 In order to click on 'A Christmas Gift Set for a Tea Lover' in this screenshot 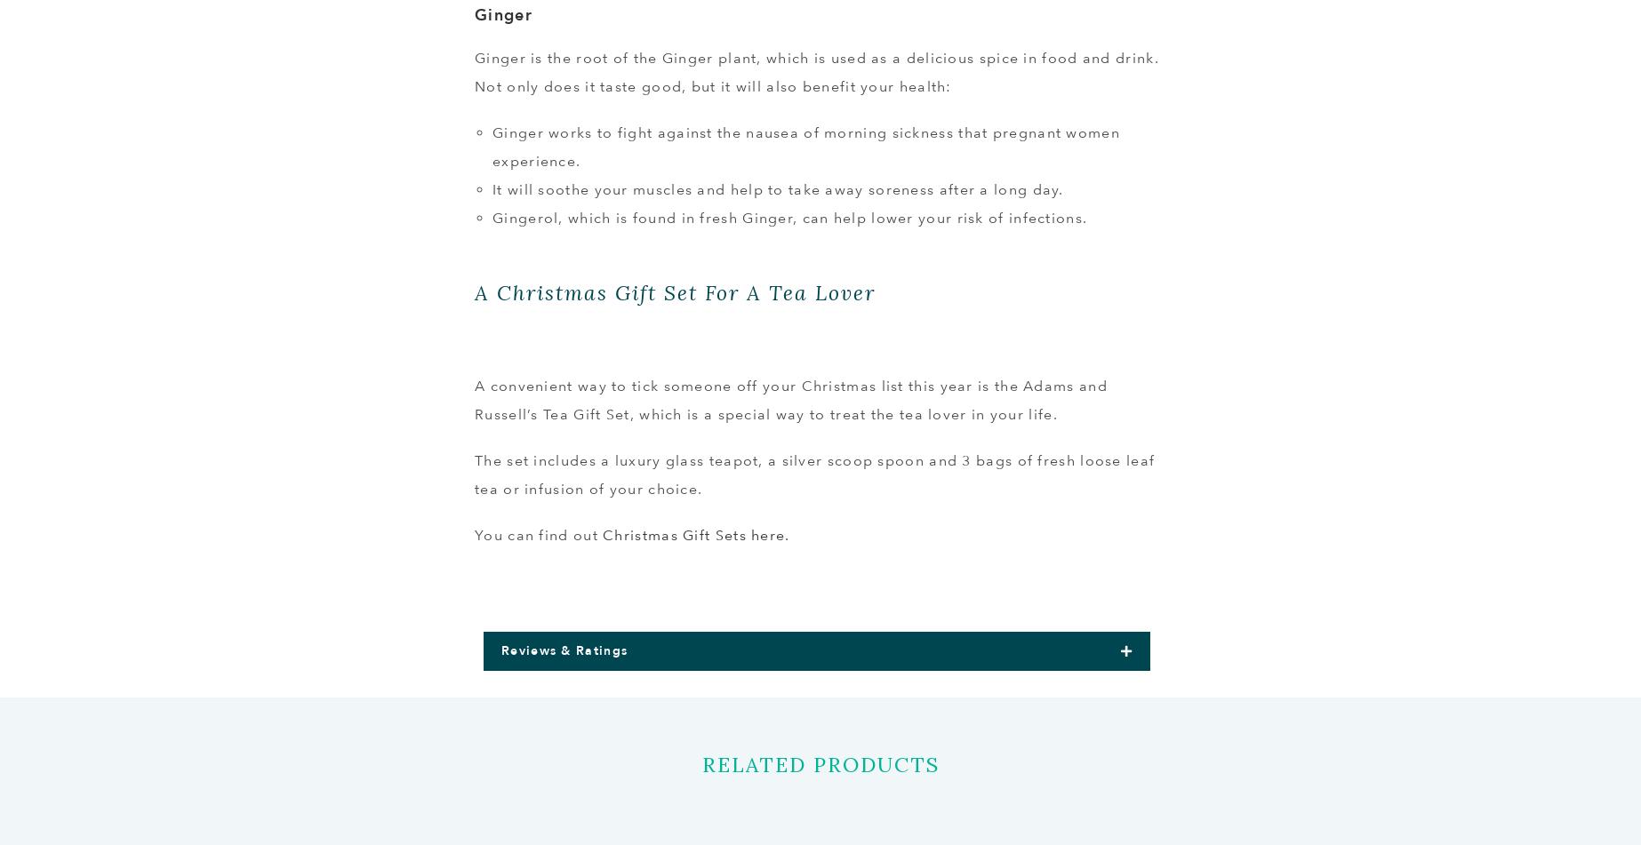, I will do `click(674, 292)`.